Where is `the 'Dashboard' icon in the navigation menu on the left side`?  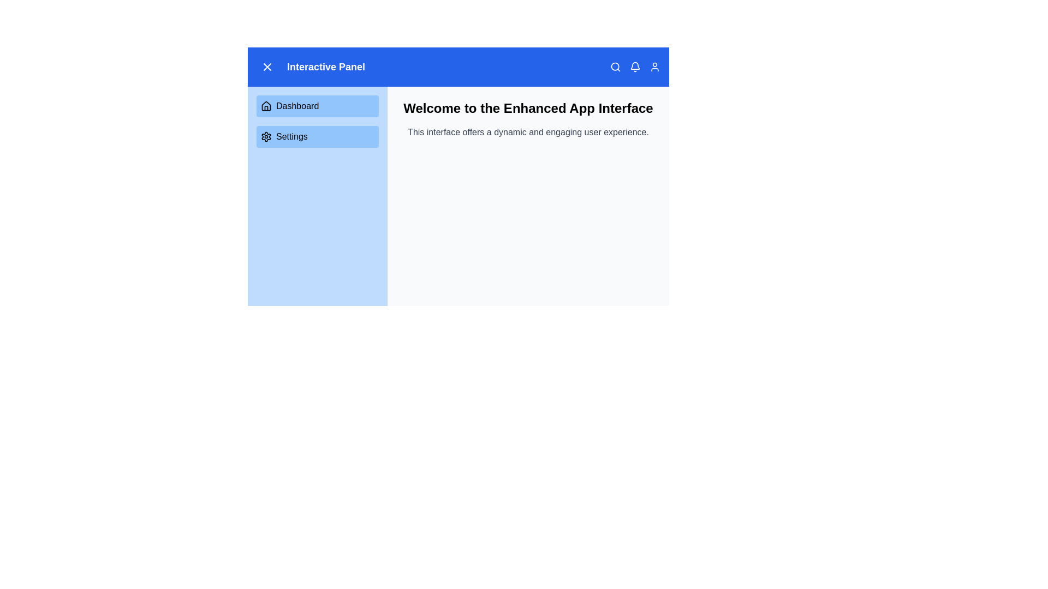
the 'Dashboard' icon in the navigation menu on the left side is located at coordinates (266, 106).